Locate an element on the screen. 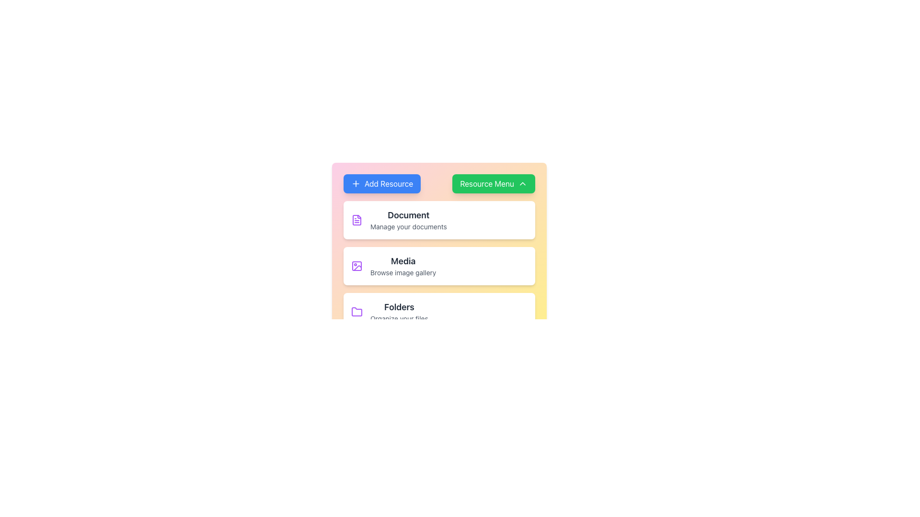 Image resolution: width=920 pixels, height=517 pixels. the text header titled 'Document' with the subtitle 'Manage your documents' is located at coordinates (408, 220).